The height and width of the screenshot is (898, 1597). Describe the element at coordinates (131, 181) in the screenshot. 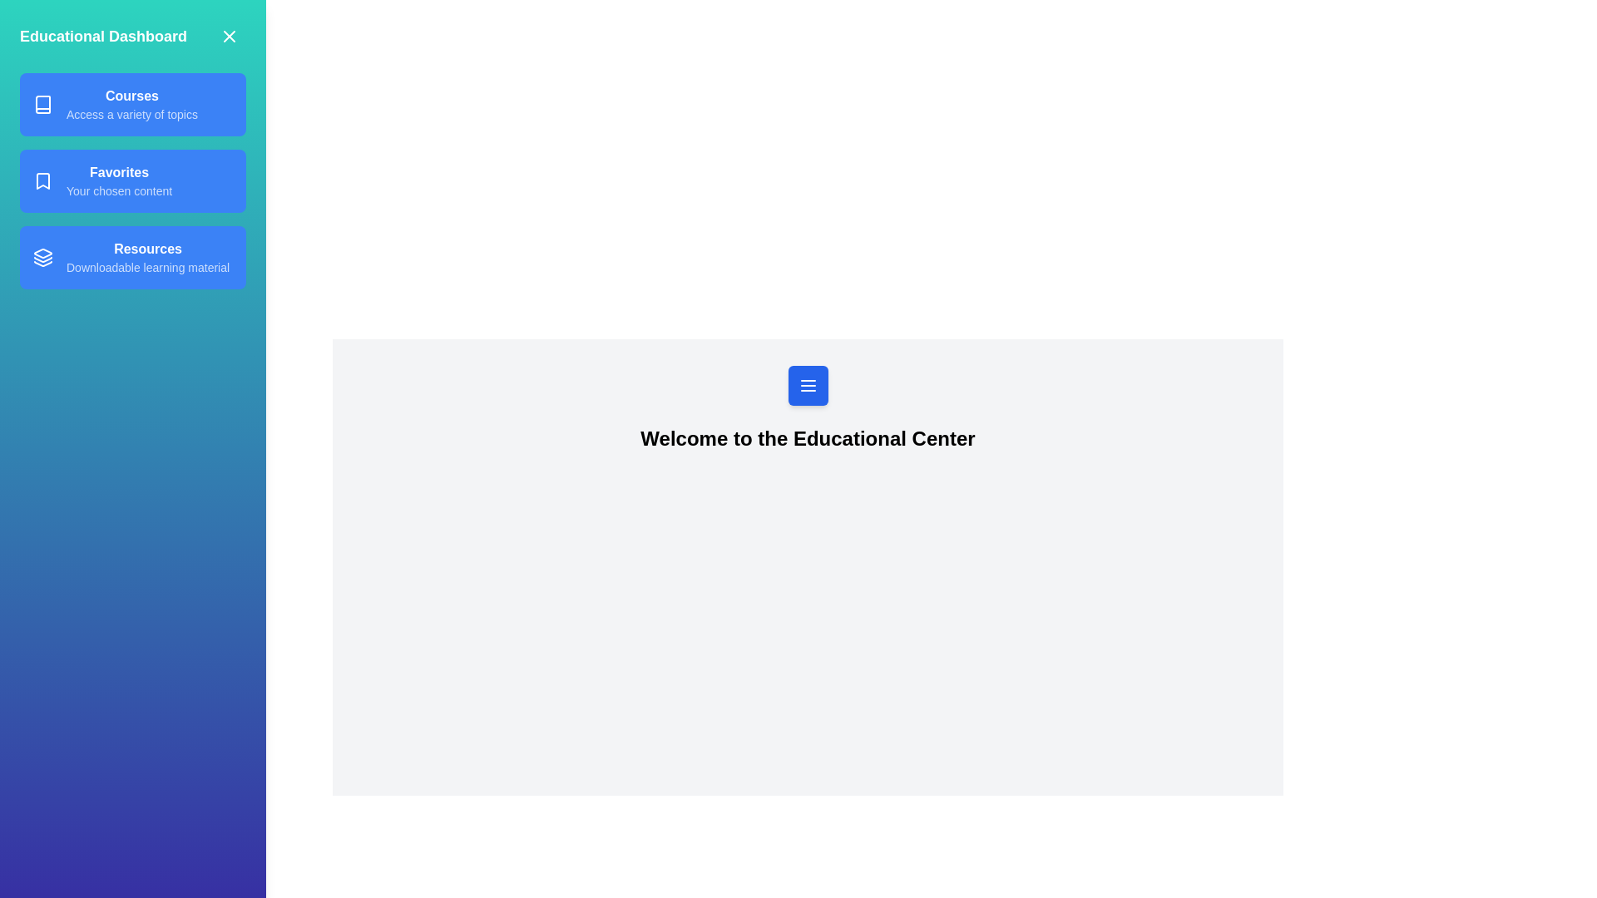

I see `the Favorites from the drawer menu` at that location.